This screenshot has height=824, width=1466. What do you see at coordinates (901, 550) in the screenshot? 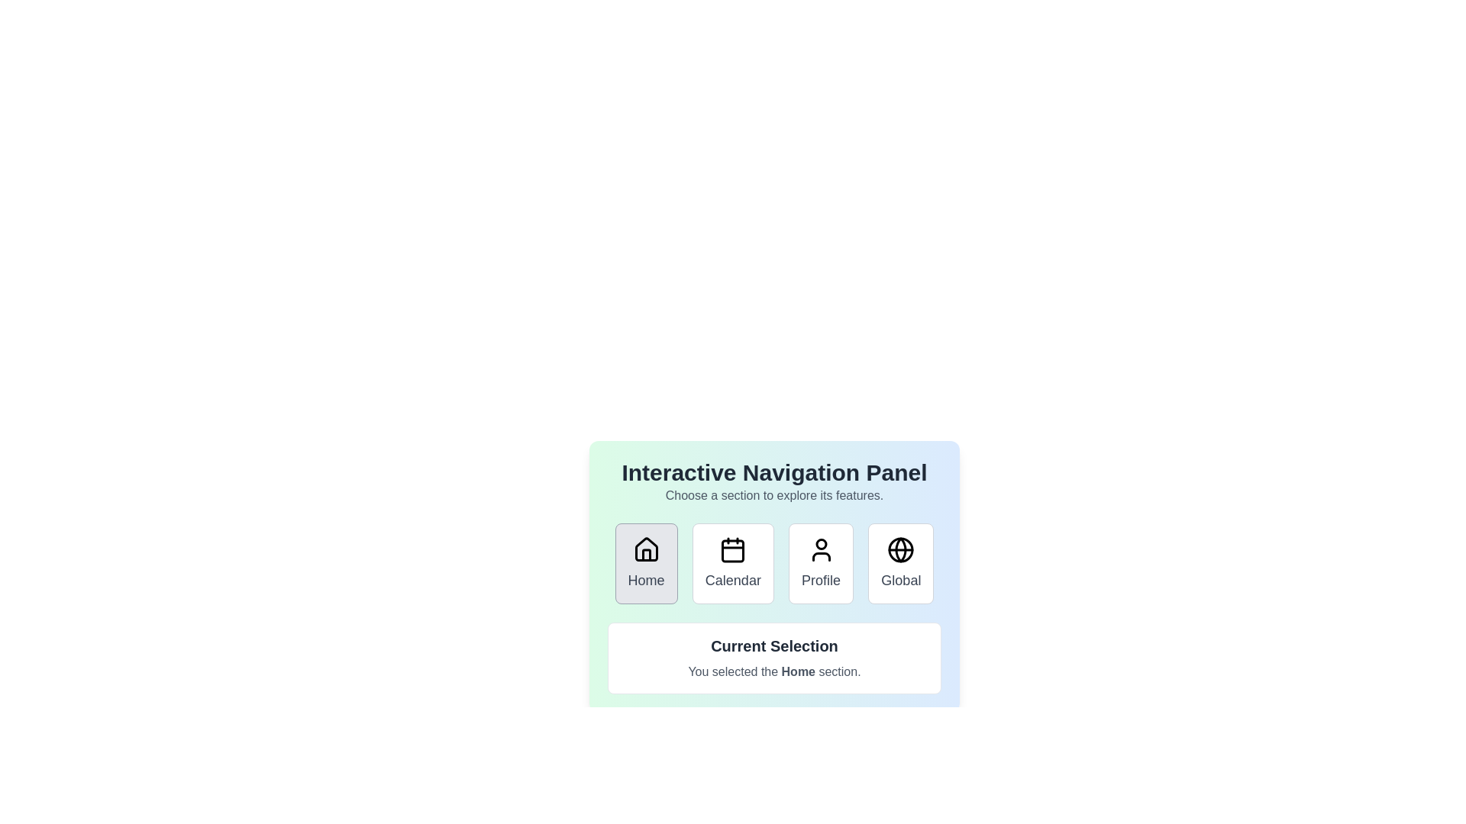
I see `the circular globe icon representing the 'Global' navigation option located in the bottom-right section of the navigation panel` at bounding box center [901, 550].